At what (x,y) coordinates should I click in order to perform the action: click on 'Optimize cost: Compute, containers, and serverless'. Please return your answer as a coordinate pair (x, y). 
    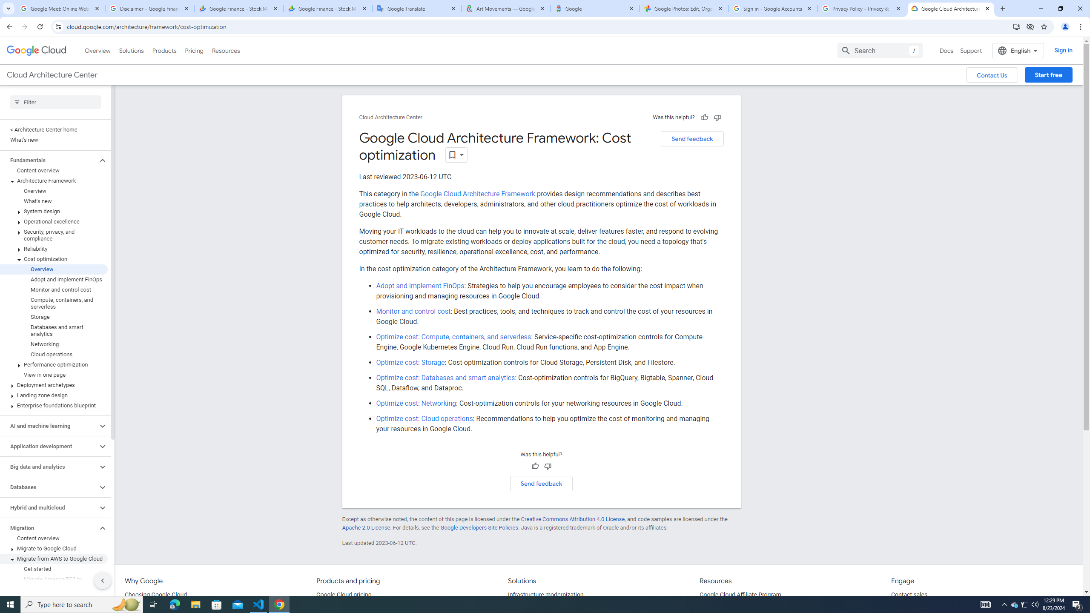
    Looking at the image, I should click on (453, 336).